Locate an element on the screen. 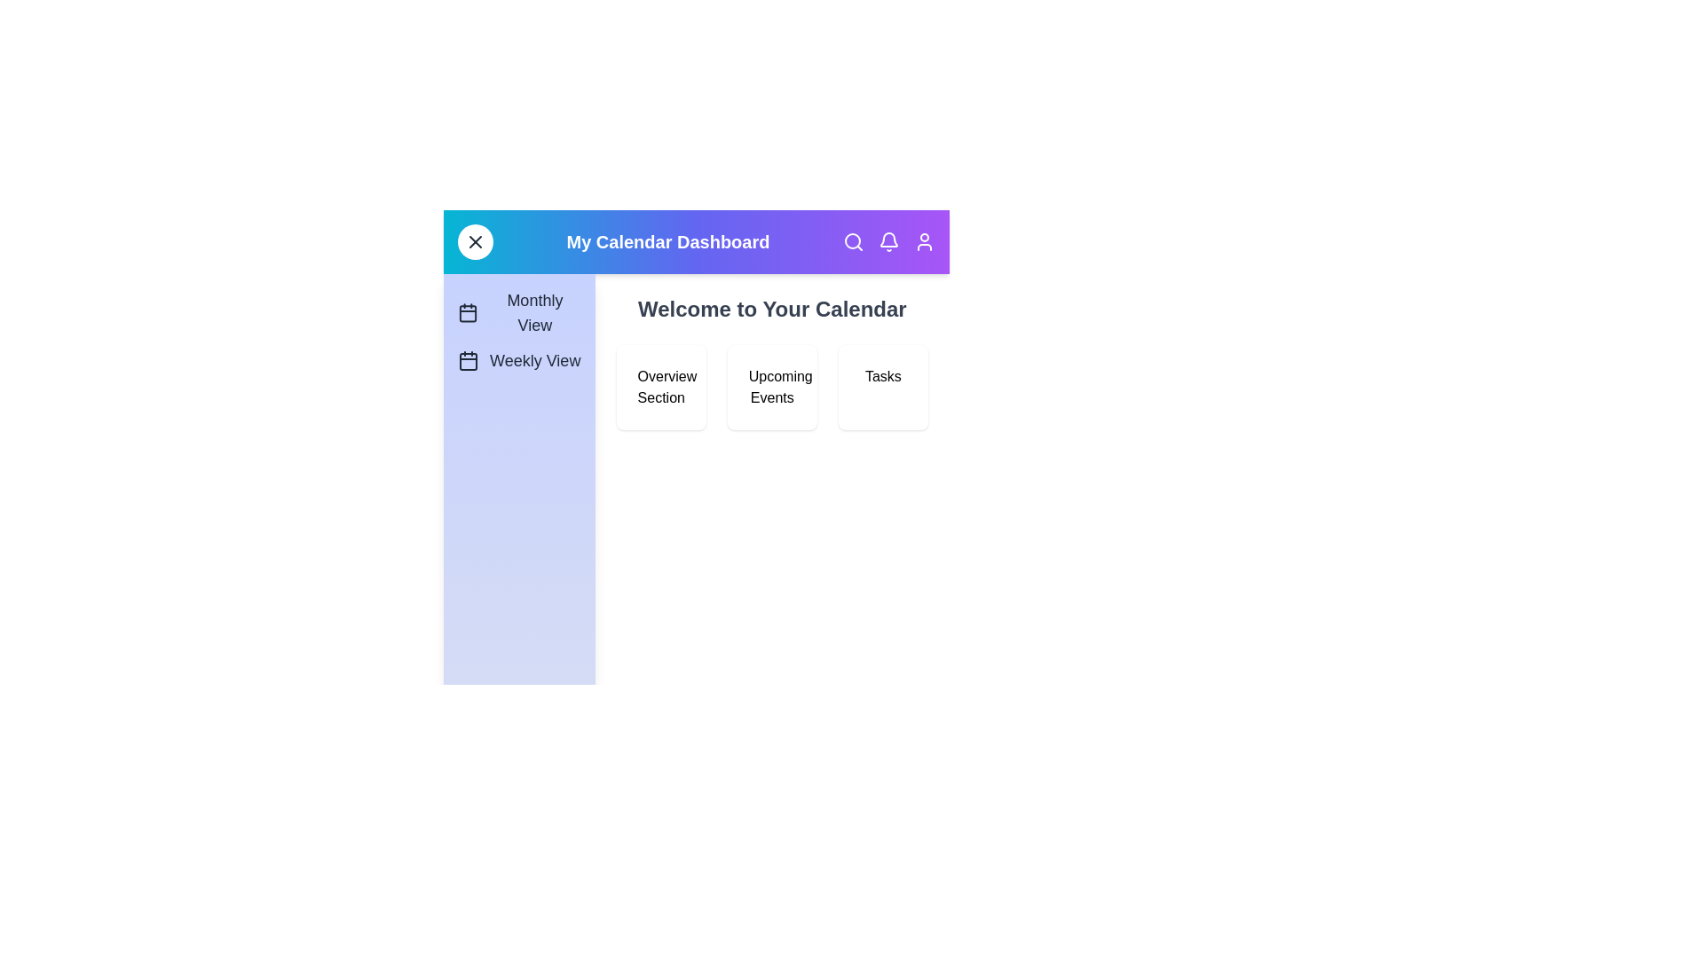 Image resolution: width=1704 pixels, height=958 pixels. the close or dismiss icon located in the top-left corner of the navigation bar, specifically to the left of 'My Calendar Dashboard', to trigger a tooltip or visual effect if available is located at coordinates (476, 242).